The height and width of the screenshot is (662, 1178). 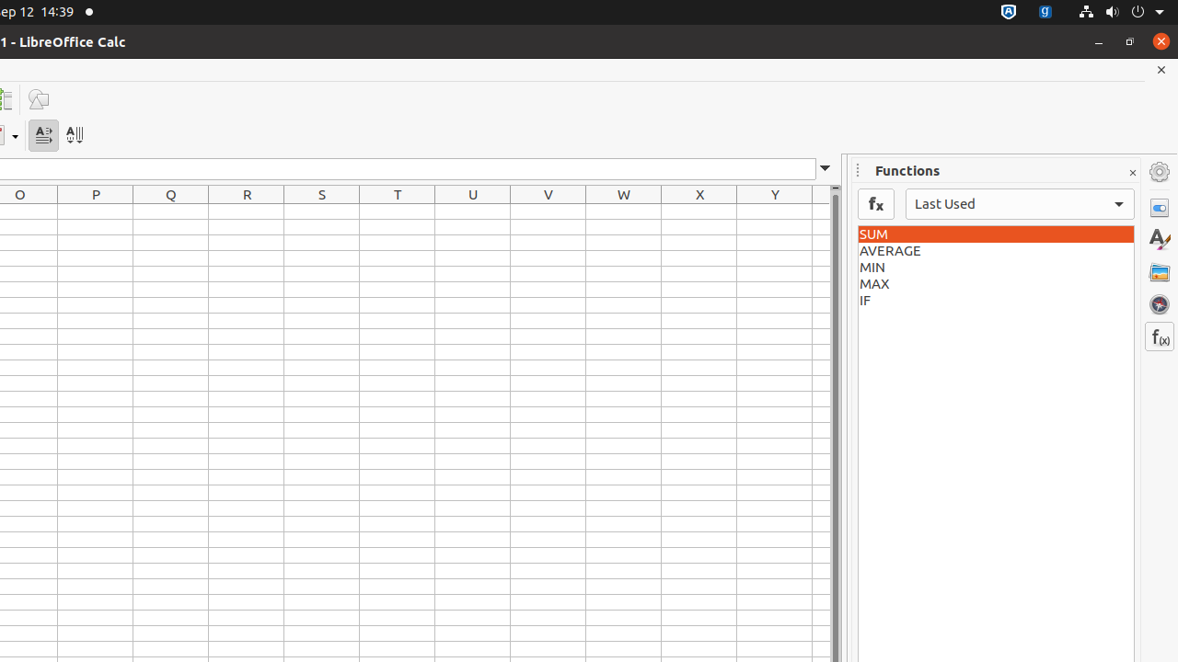 I want to click on 'SUM', so click(x=995, y=234).